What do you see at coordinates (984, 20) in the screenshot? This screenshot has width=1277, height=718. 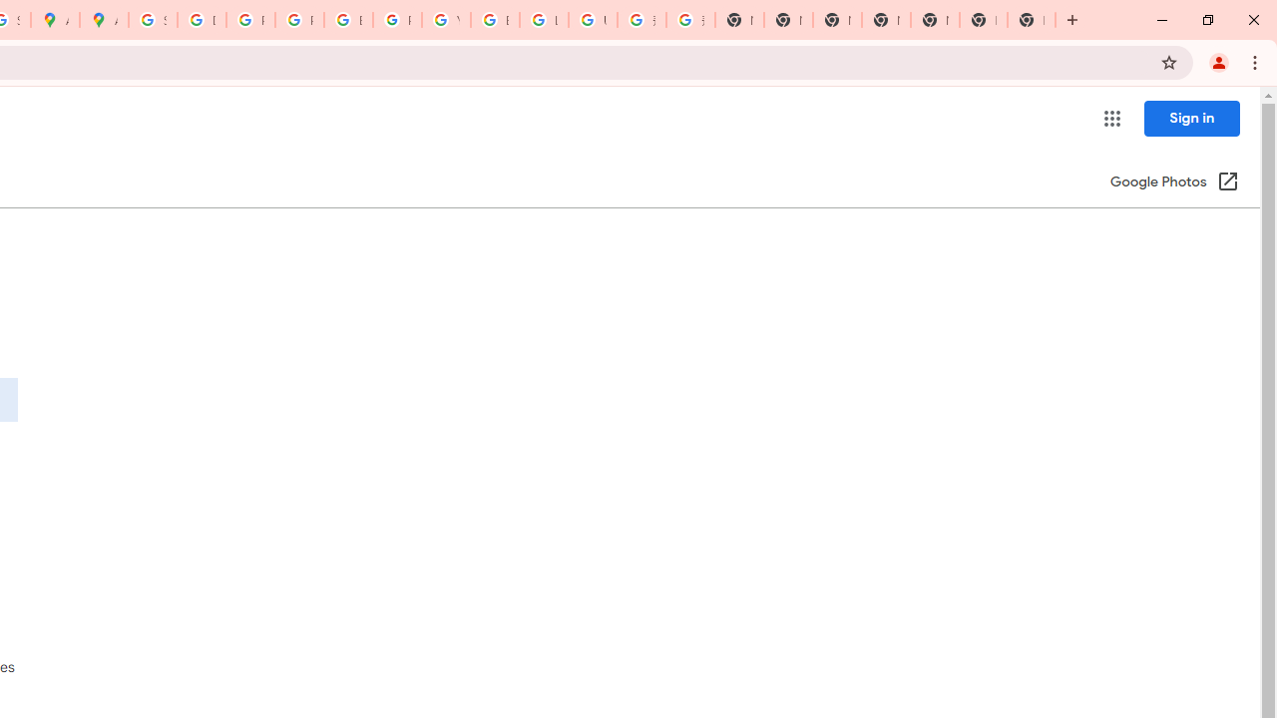 I see `'New Tab'` at bounding box center [984, 20].